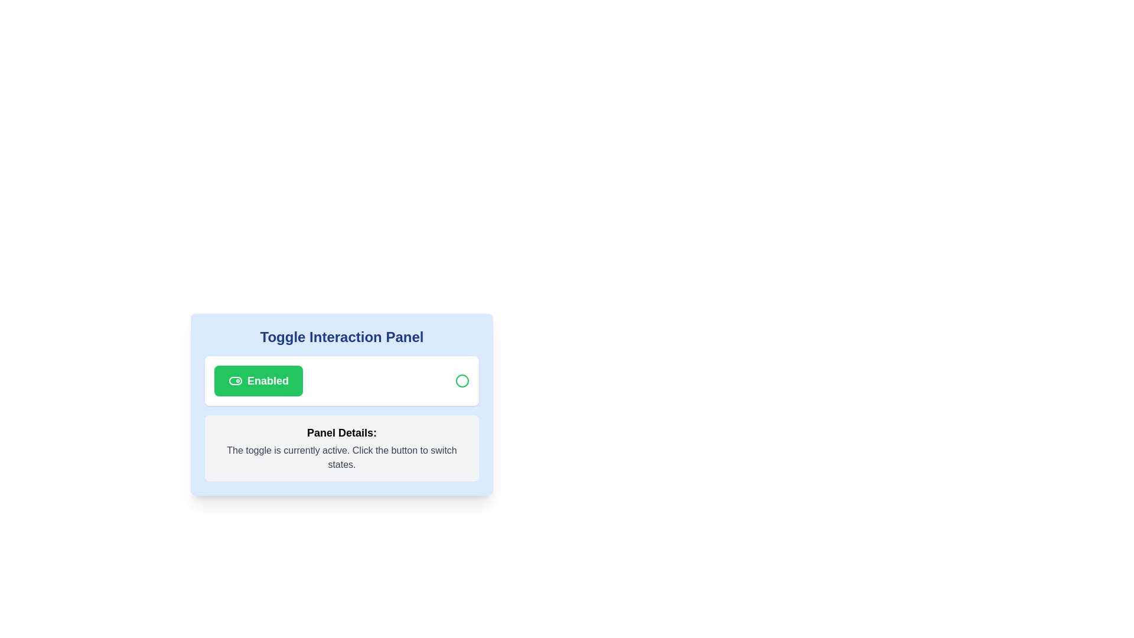 The image size is (1134, 638). Describe the element at coordinates (341, 448) in the screenshot. I see `the Text panel located at the bottom of the 'Toggle Interaction Panel', which provides instructions or descriptions related to the toggle state` at that location.